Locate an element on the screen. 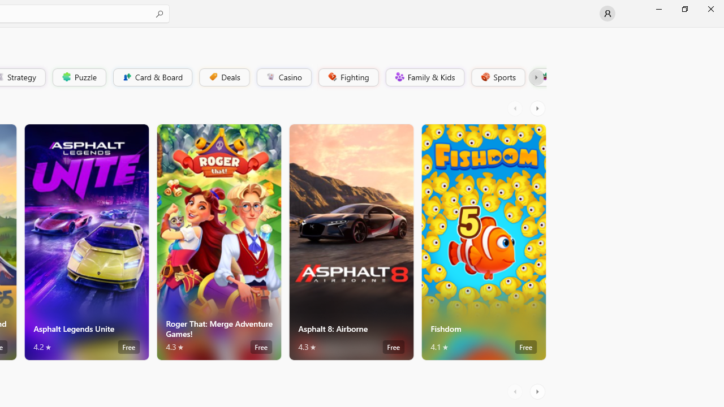 This screenshot has height=407, width=724. 'Class: Button' is located at coordinates (535, 76).